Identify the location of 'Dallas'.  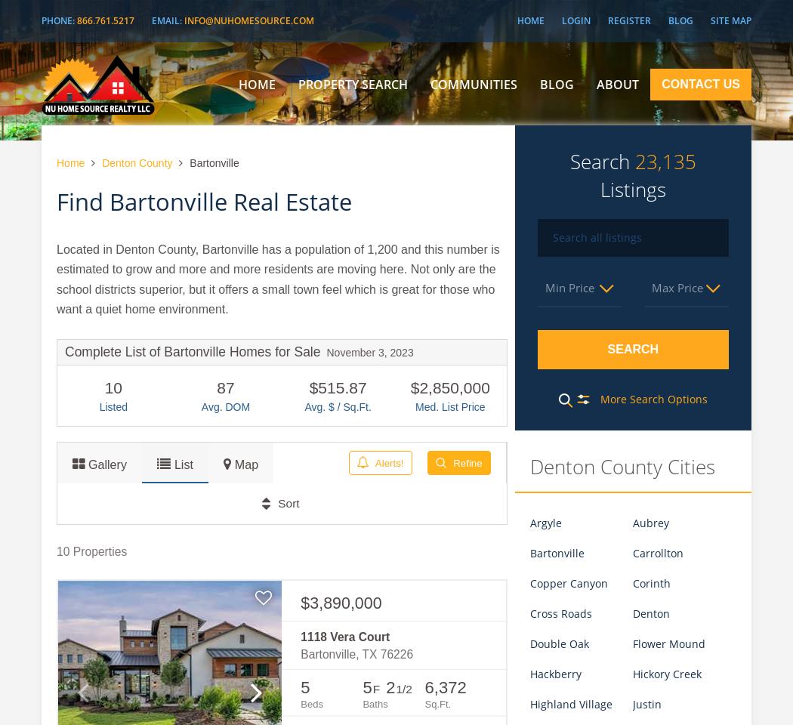
(457, 171).